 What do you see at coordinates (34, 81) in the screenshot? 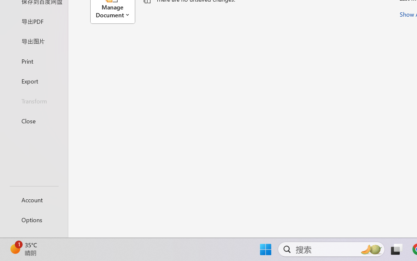
I see `'Export'` at bounding box center [34, 81].